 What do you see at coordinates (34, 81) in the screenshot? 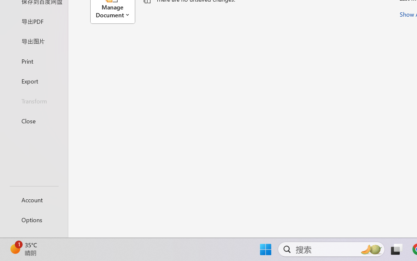
I see `'Export'` at bounding box center [34, 81].